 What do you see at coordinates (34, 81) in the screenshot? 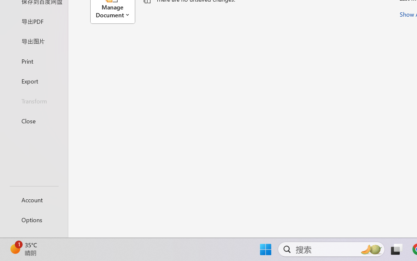
I see `'Export'` at bounding box center [34, 81].